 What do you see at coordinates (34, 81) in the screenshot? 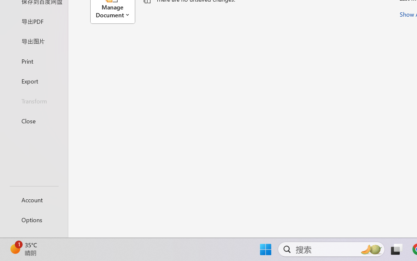
I see `'Export'` at bounding box center [34, 81].